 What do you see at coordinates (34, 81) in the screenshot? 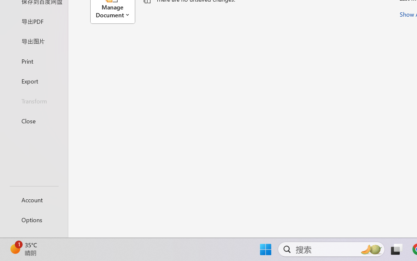
I see `'Export'` at bounding box center [34, 81].